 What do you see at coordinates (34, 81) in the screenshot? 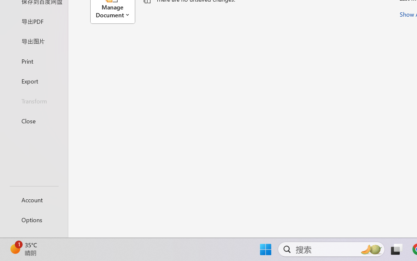
I see `'Export'` at bounding box center [34, 81].